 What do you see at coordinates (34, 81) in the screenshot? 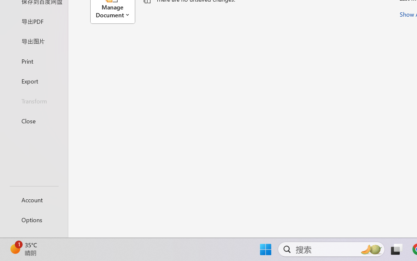
I see `'Export'` at bounding box center [34, 81].